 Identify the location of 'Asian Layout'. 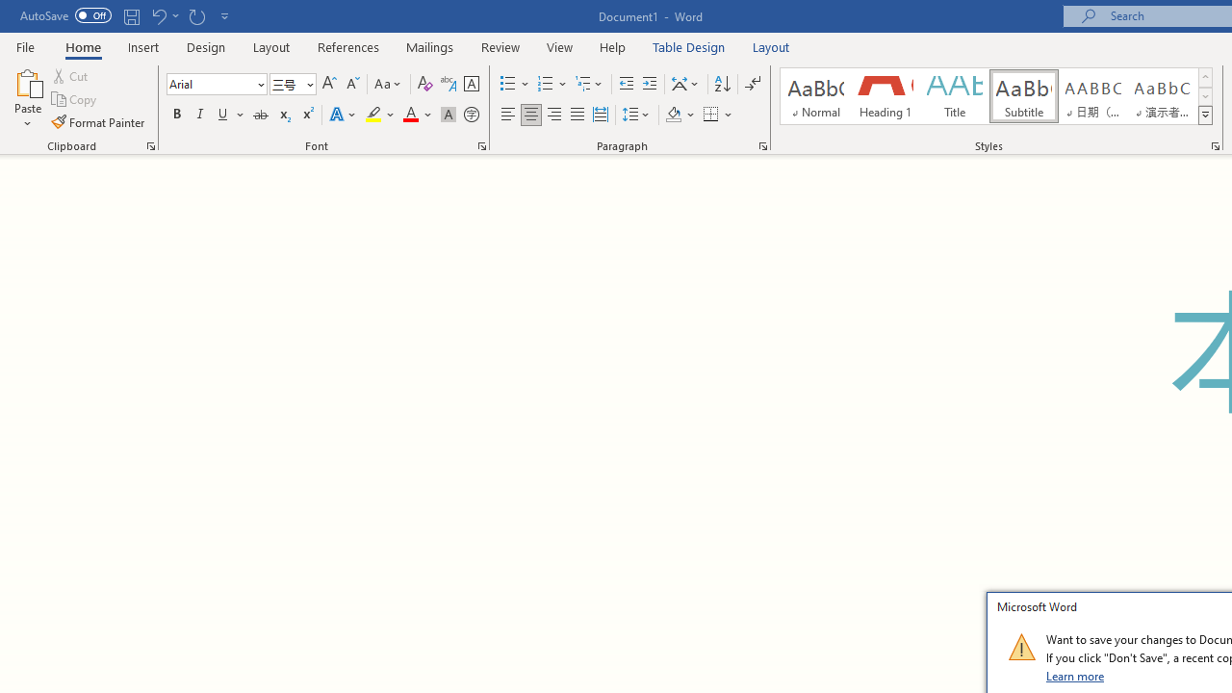
(685, 83).